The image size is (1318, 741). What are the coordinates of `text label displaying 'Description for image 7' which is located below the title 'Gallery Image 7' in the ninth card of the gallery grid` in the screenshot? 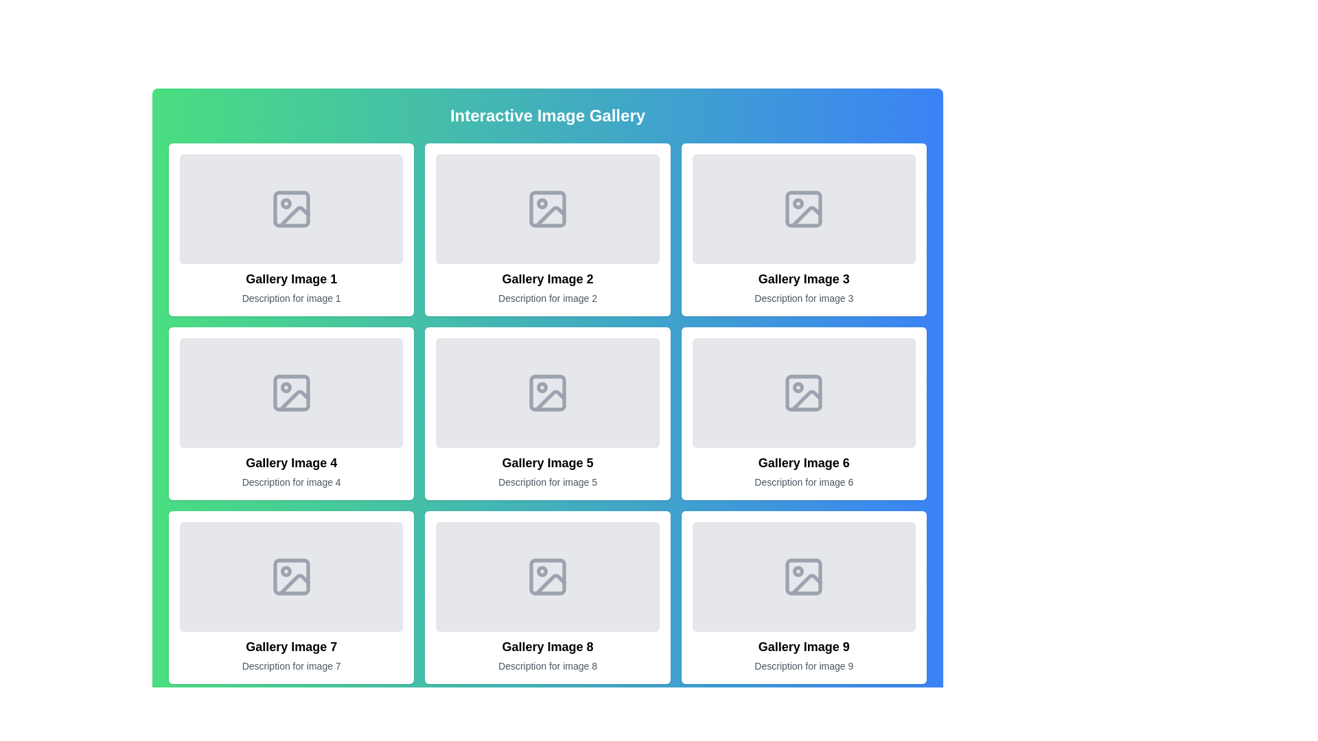 It's located at (290, 666).